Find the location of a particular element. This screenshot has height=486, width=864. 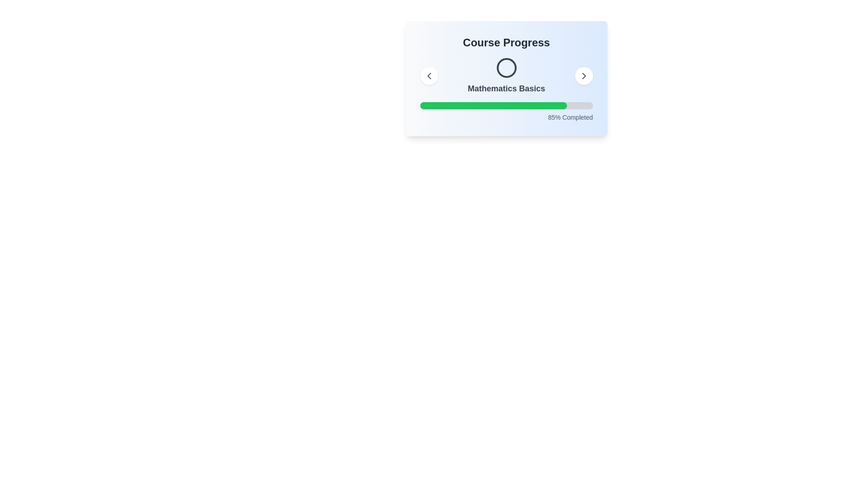

the circle icon representing the 'Mathematics Basics' title in the Course Progress section is located at coordinates (506, 76).